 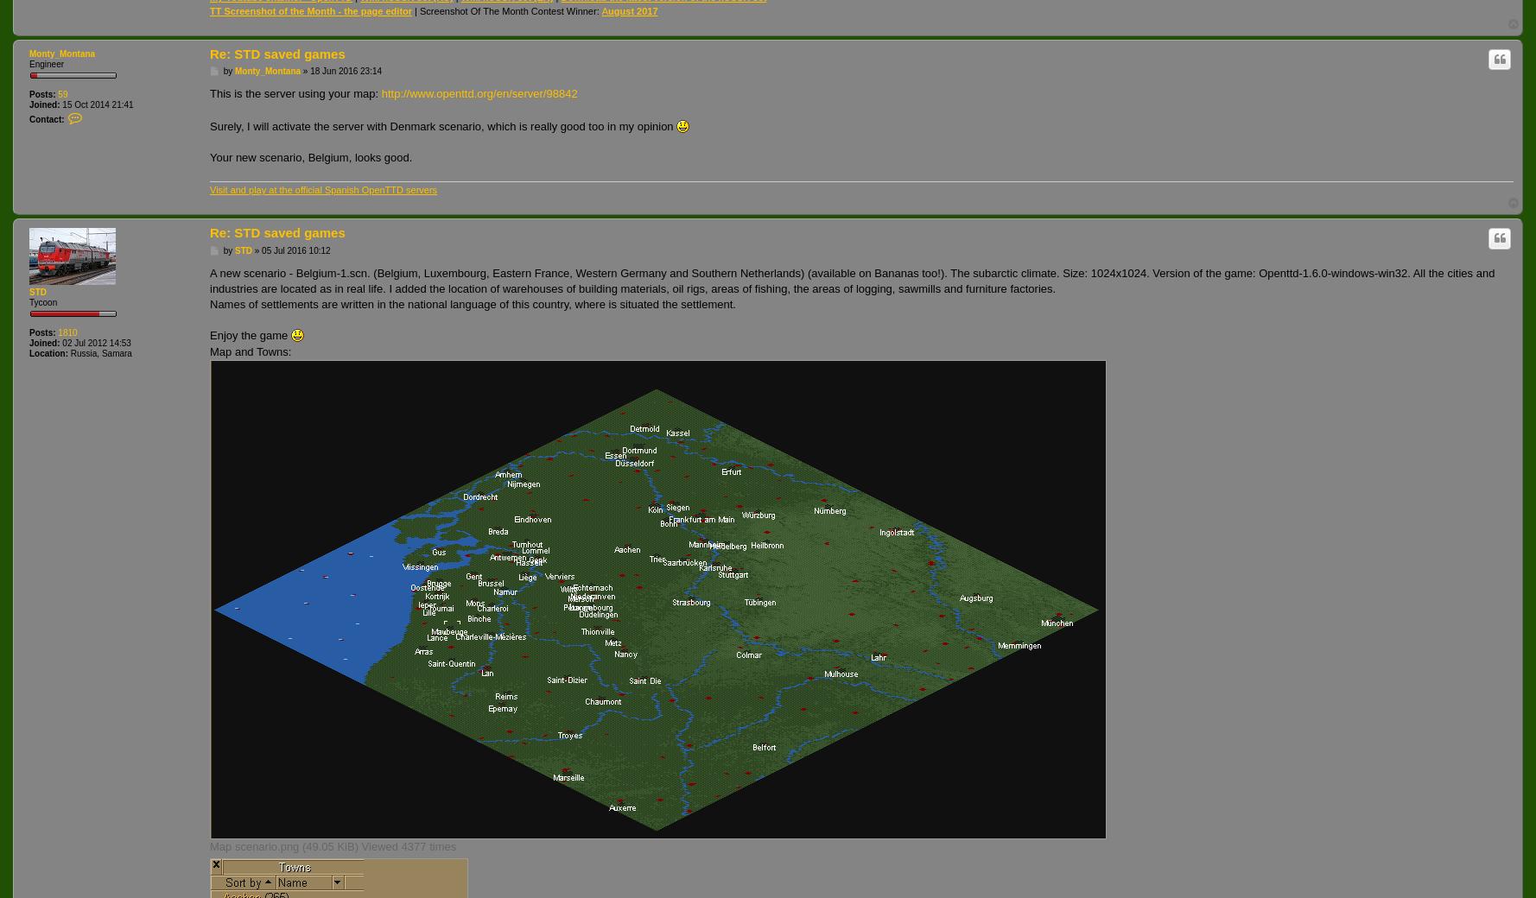 What do you see at coordinates (346, 70) in the screenshot?
I see `'18 Jun 2016 23:14'` at bounding box center [346, 70].